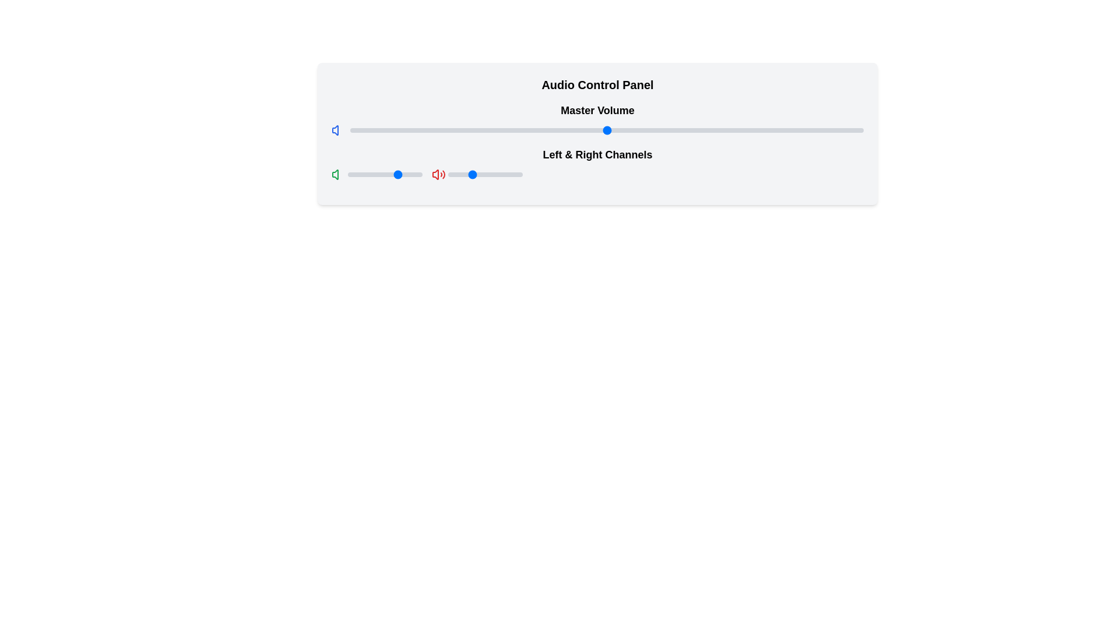 The height and width of the screenshot is (629, 1119). I want to click on the master volume level, so click(729, 130).